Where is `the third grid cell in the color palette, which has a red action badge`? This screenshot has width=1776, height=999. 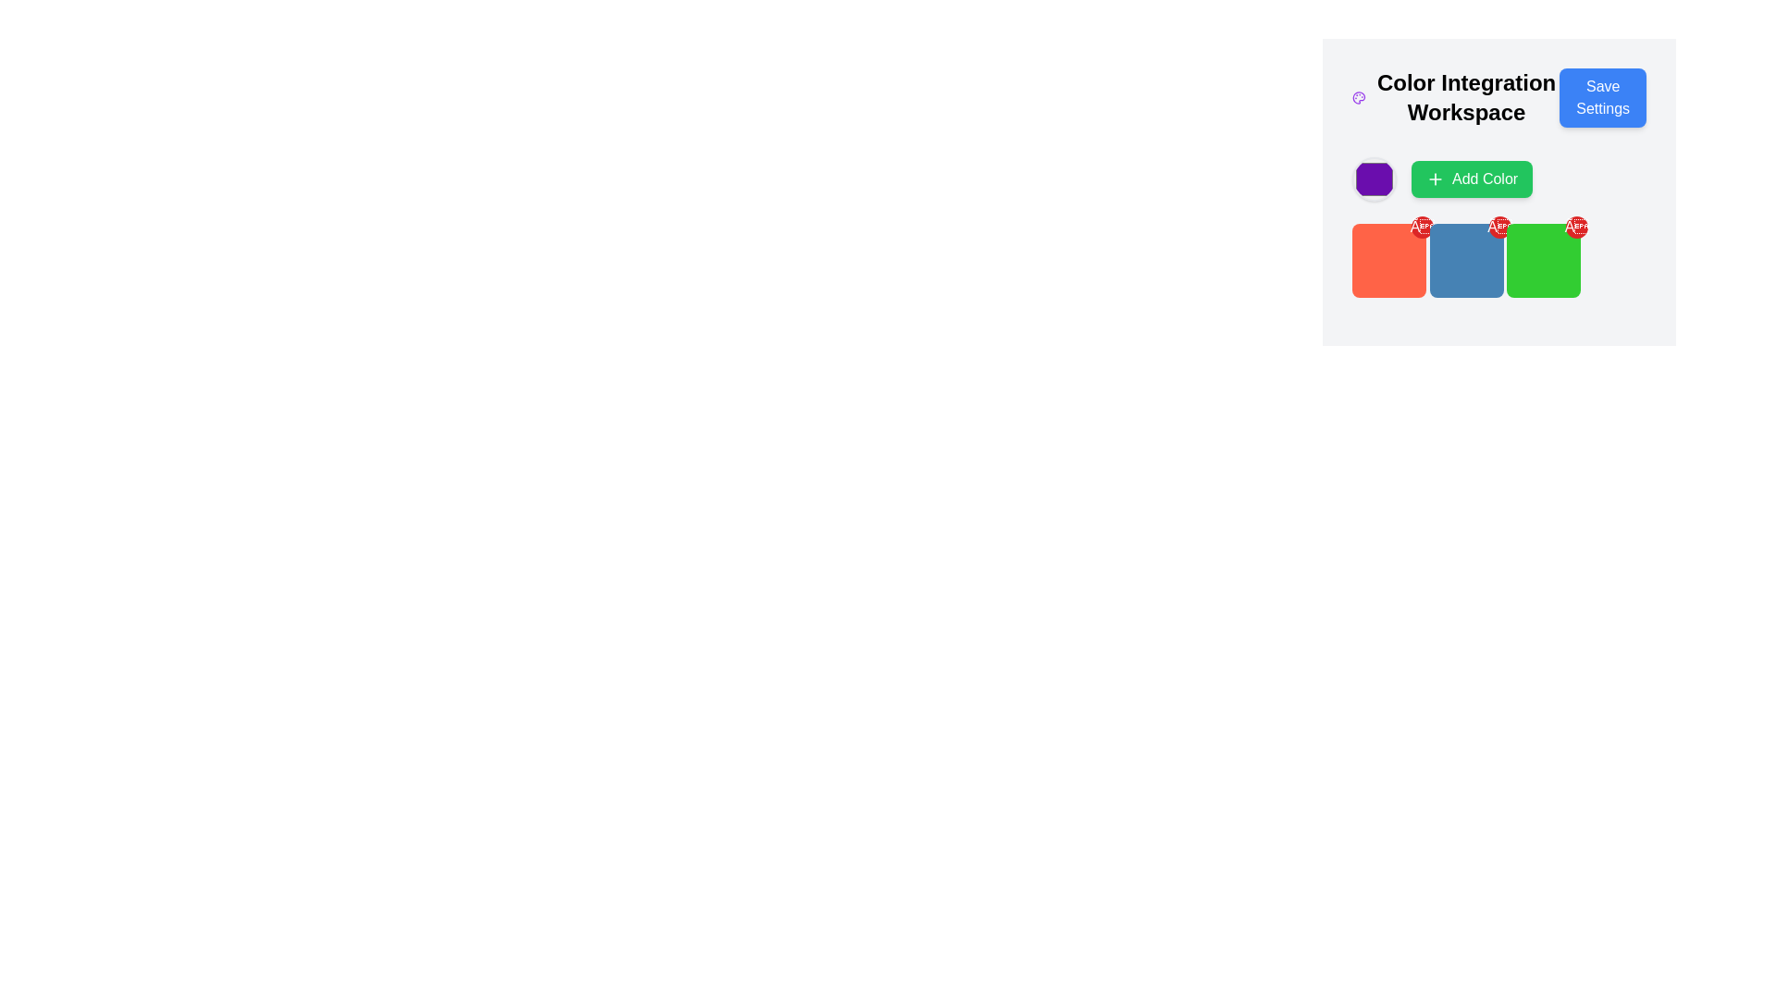 the third grid cell in the color palette, which has a red action badge is located at coordinates (1544, 260).